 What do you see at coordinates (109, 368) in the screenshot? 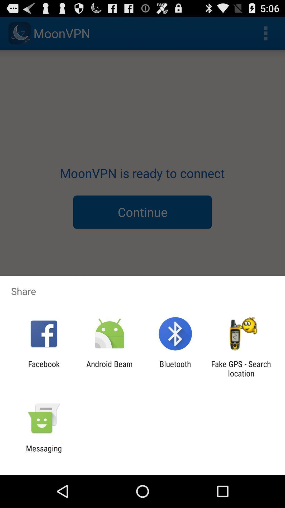
I see `icon next to the facebook` at bounding box center [109, 368].